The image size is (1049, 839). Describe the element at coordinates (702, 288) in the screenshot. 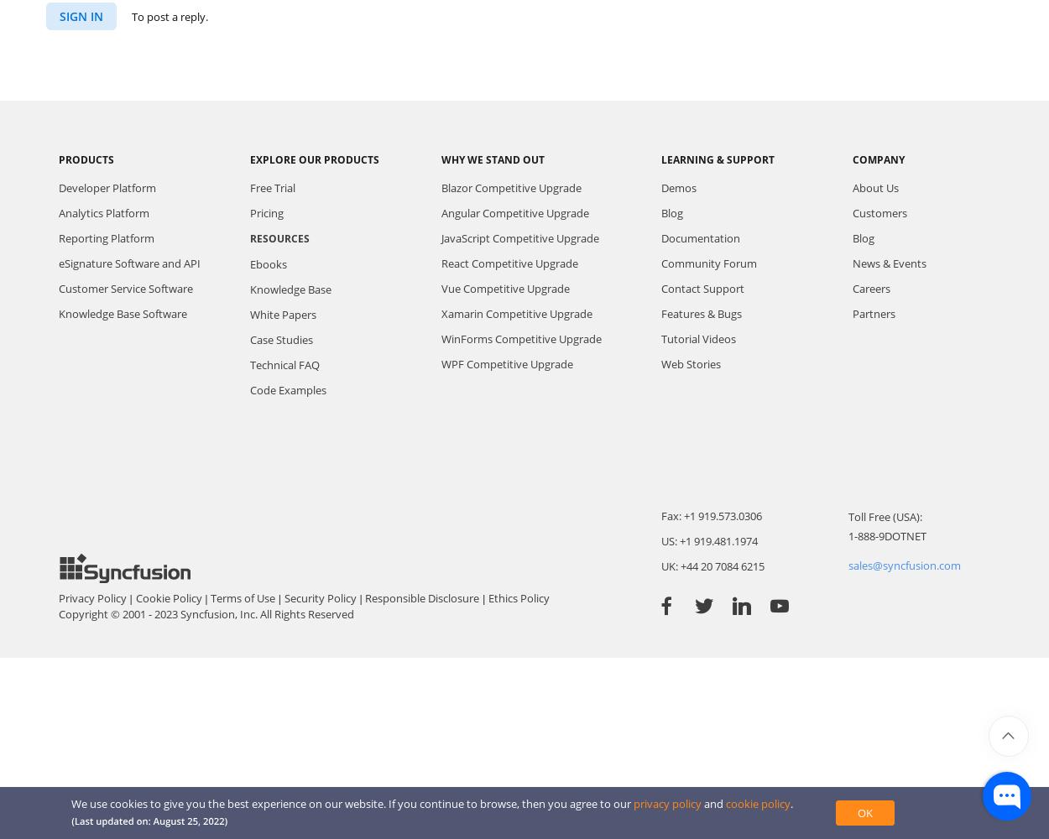

I see `'Contact Support'` at that location.